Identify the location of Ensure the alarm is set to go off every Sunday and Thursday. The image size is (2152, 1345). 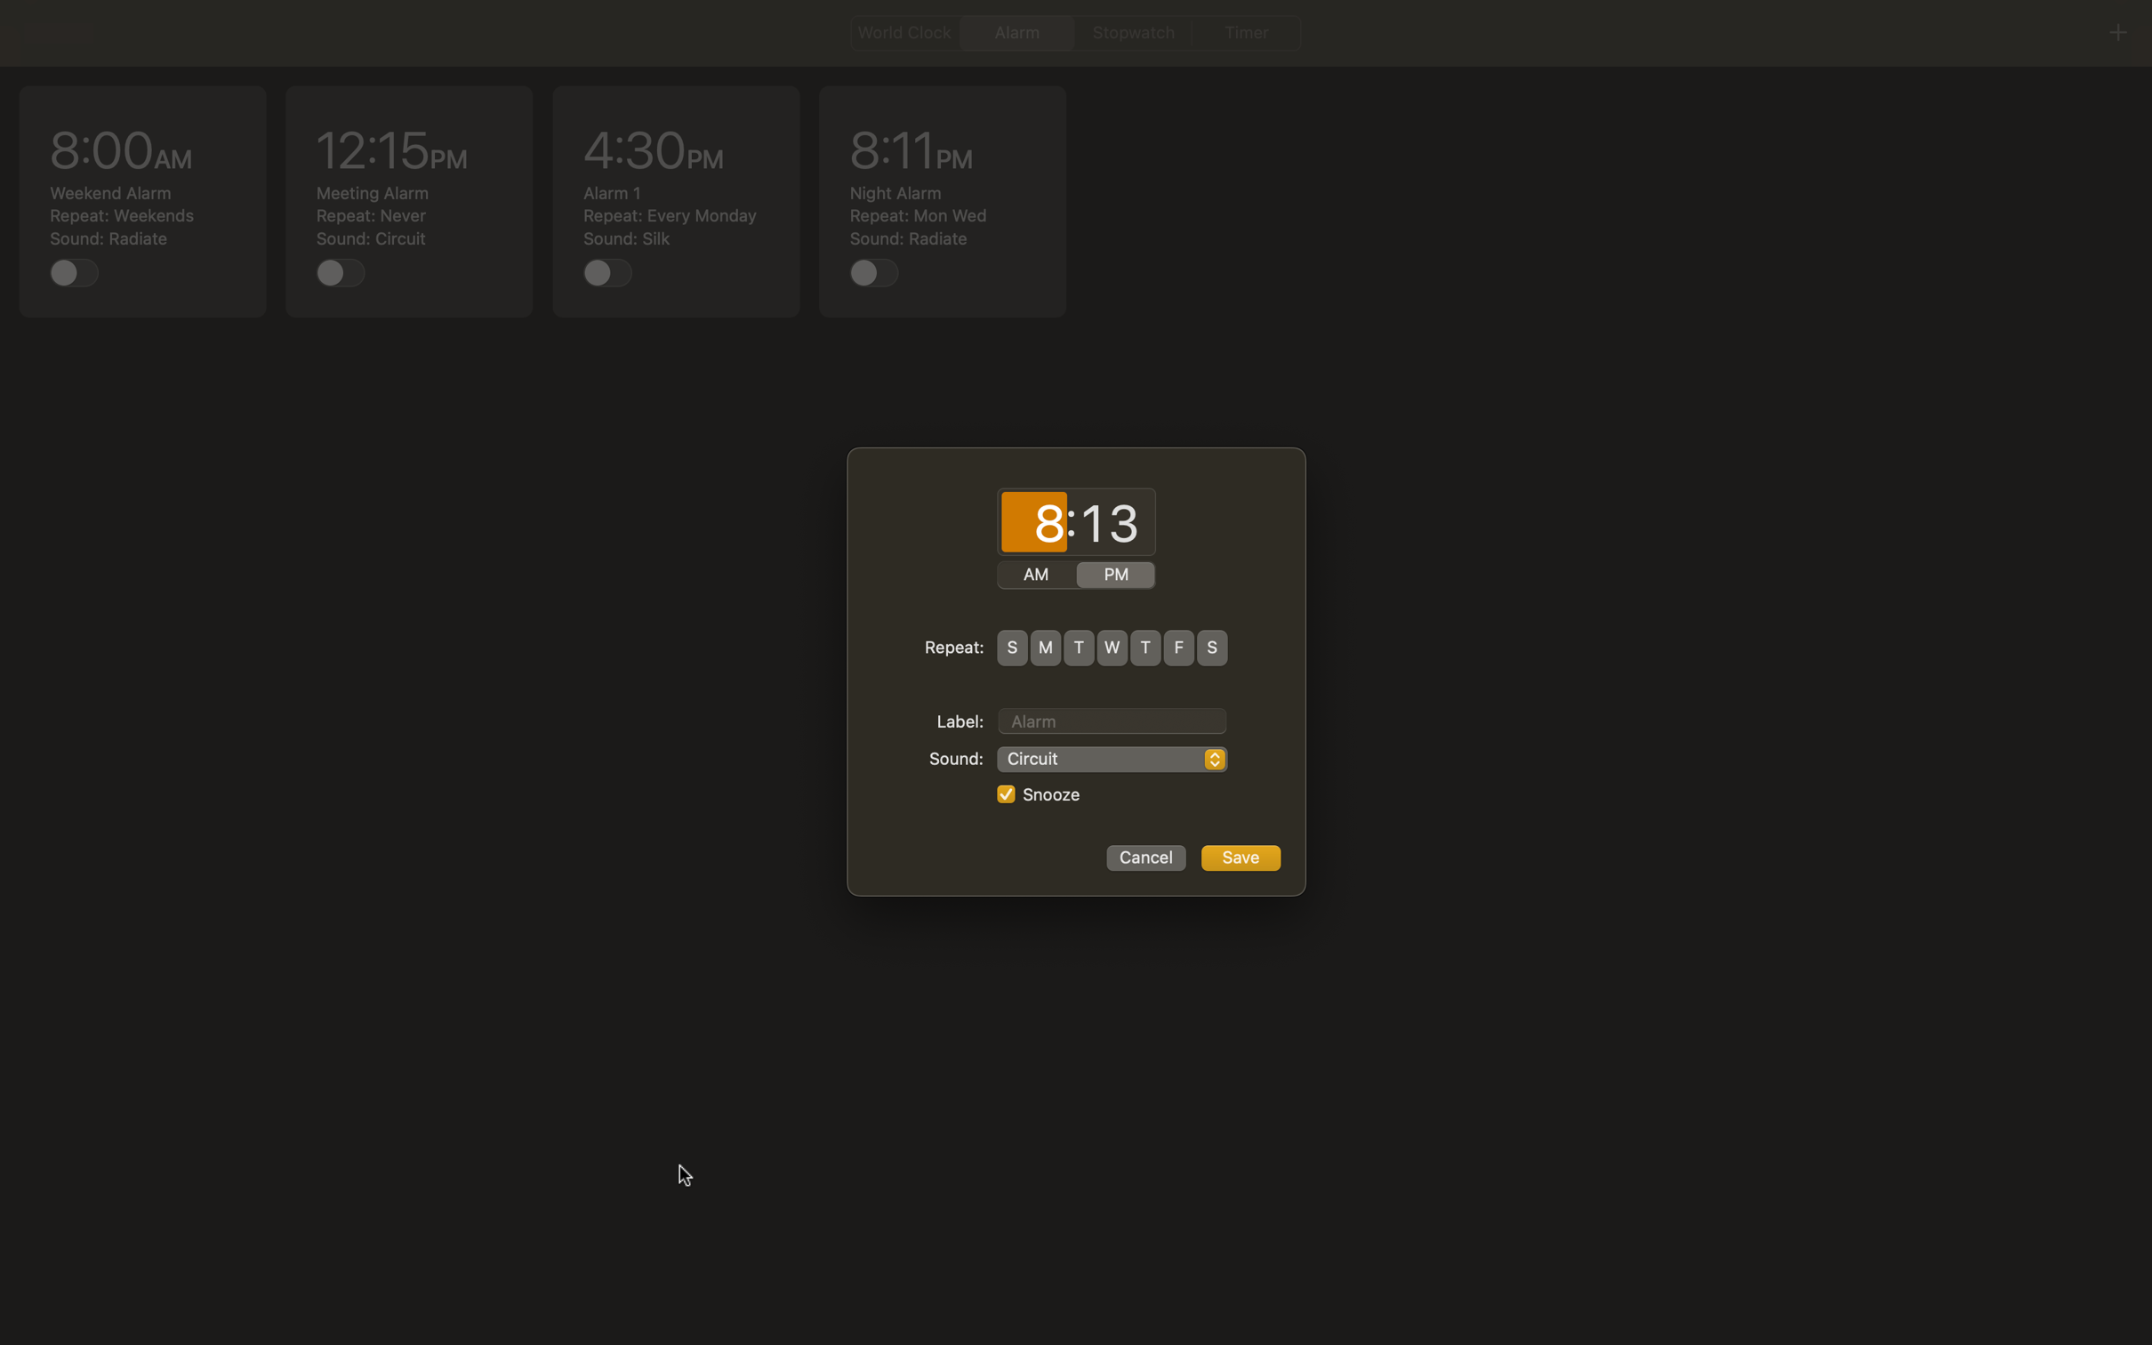
(1011, 647).